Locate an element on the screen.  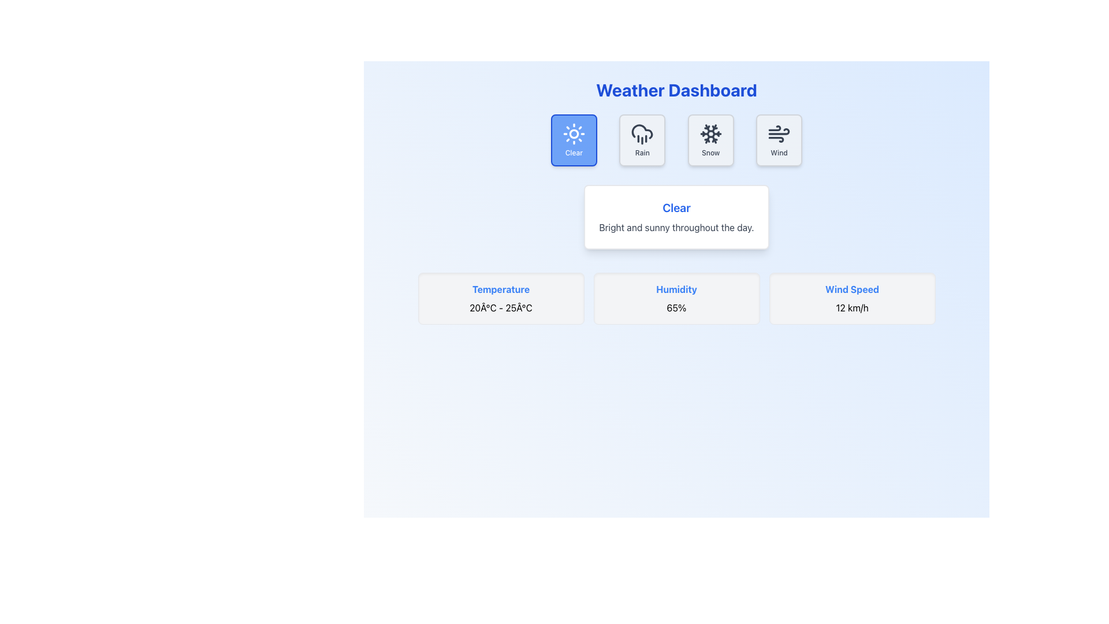
the Static information card displaying 'Humidity' with a bold blue font and '65%' in regular black font, located in the middle section of the interface is located at coordinates (676, 298).